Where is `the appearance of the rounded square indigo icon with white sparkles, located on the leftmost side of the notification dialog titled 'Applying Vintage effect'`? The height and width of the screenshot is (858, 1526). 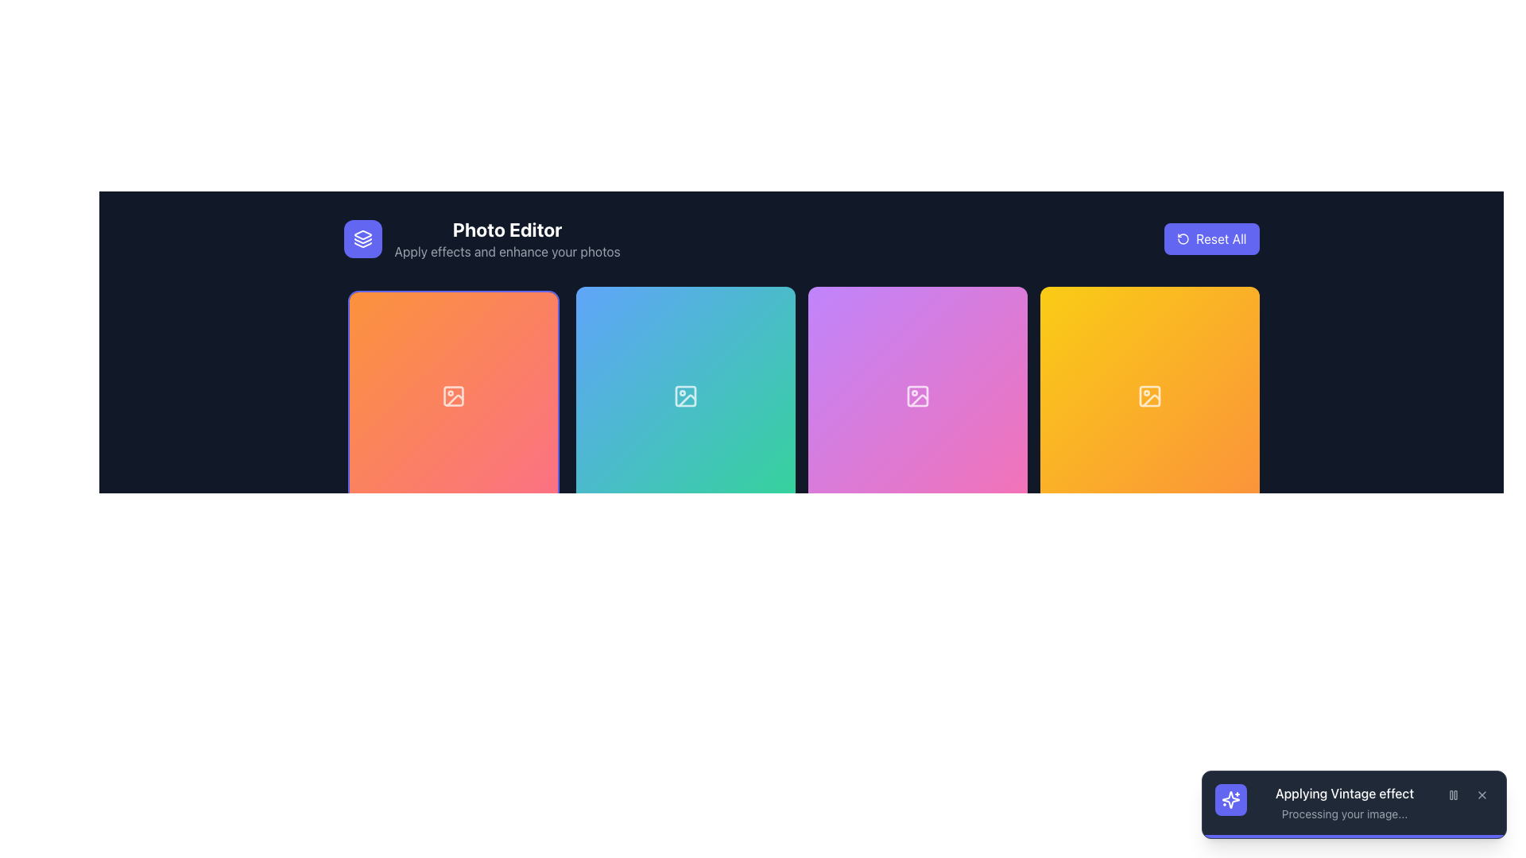 the appearance of the rounded square indigo icon with white sparkles, located on the leftmost side of the notification dialog titled 'Applying Vintage effect' is located at coordinates (1230, 799).